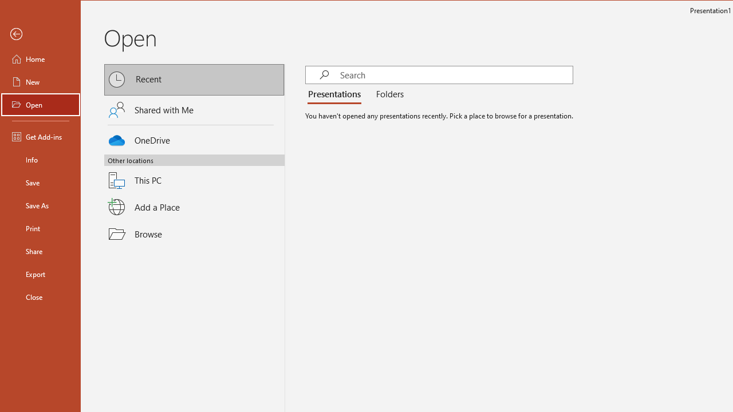 This screenshot has width=733, height=412. What do you see at coordinates (194, 137) in the screenshot?
I see `'OneDrive'` at bounding box center [194, 137].